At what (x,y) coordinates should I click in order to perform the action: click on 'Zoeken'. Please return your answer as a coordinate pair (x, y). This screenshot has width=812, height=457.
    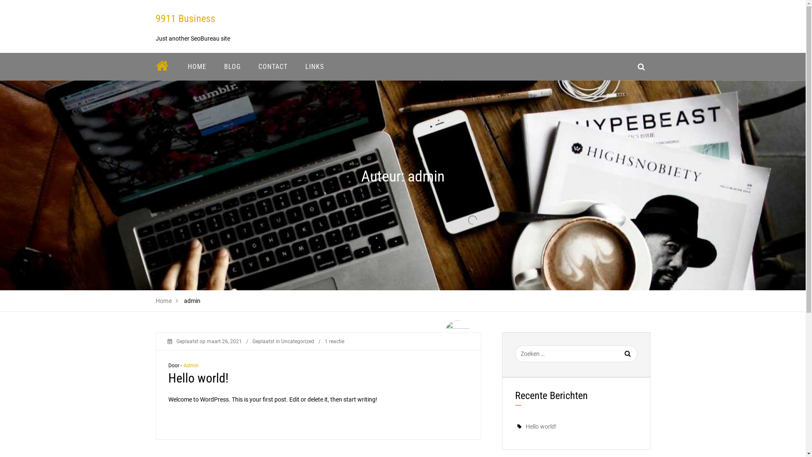
    Looking at the image, I should click on (617, 359).